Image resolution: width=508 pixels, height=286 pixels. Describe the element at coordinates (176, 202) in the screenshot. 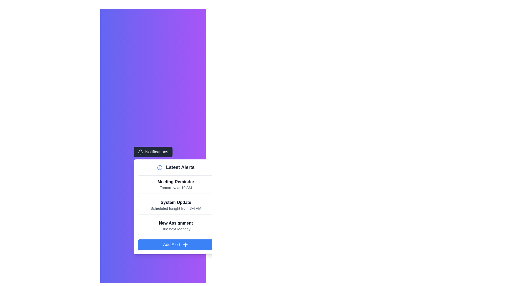

I see `the text label displaying 'System Update'` at that location.